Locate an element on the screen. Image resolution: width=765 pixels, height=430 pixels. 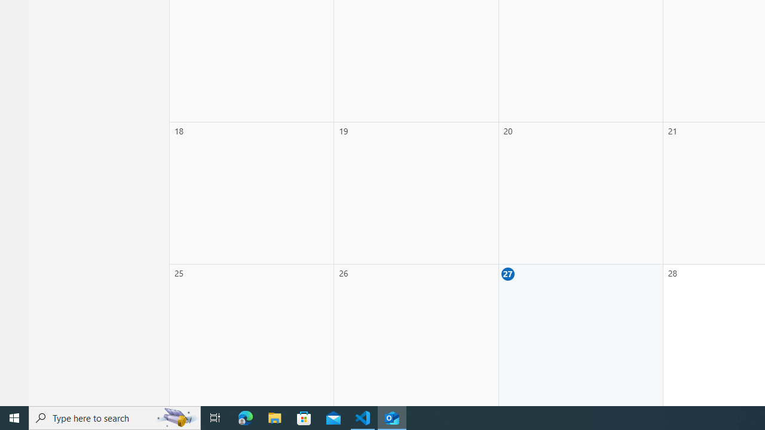
'Outlook (new) - 1 running window' is located at coordinates (392, 417).